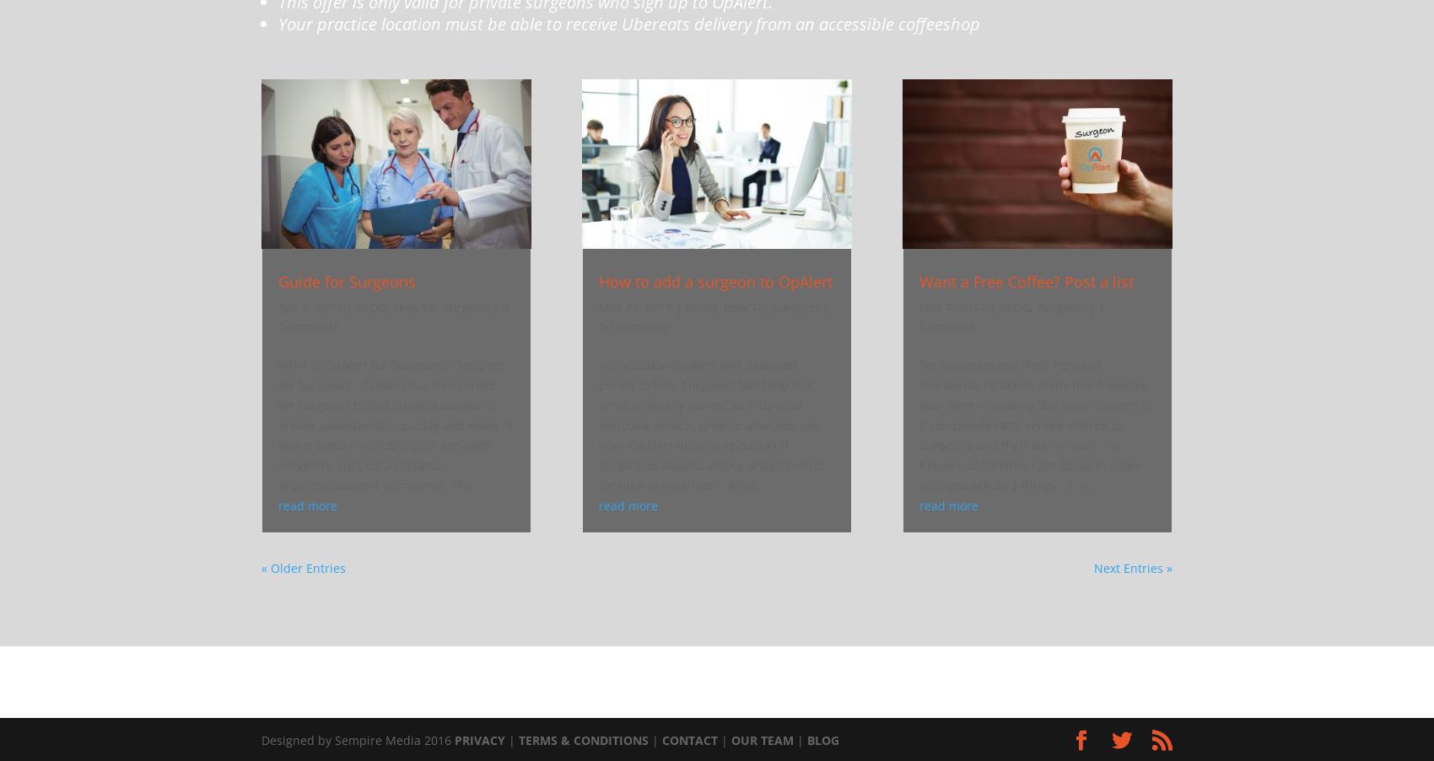 The width and height of the screenshot is (1434, 761). What do you see at coordinates (822, 740) in the screenshot?
I see `'BLOG'` at bounding box center [822, 740].